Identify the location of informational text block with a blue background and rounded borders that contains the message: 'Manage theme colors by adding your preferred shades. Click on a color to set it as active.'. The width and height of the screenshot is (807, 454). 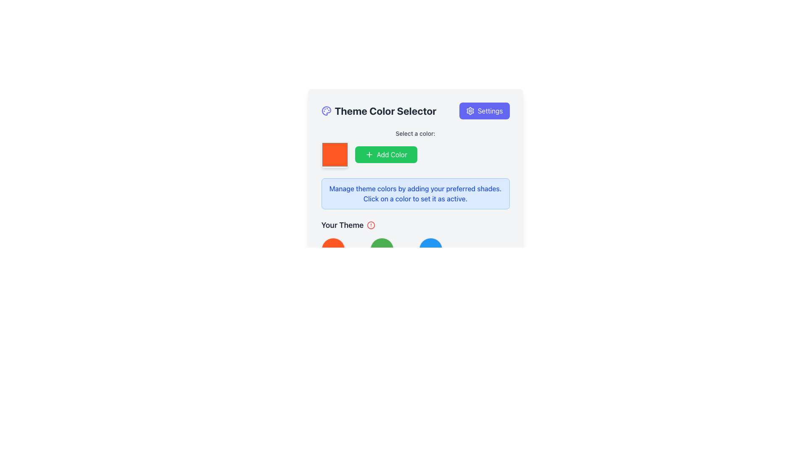
(415, 194).